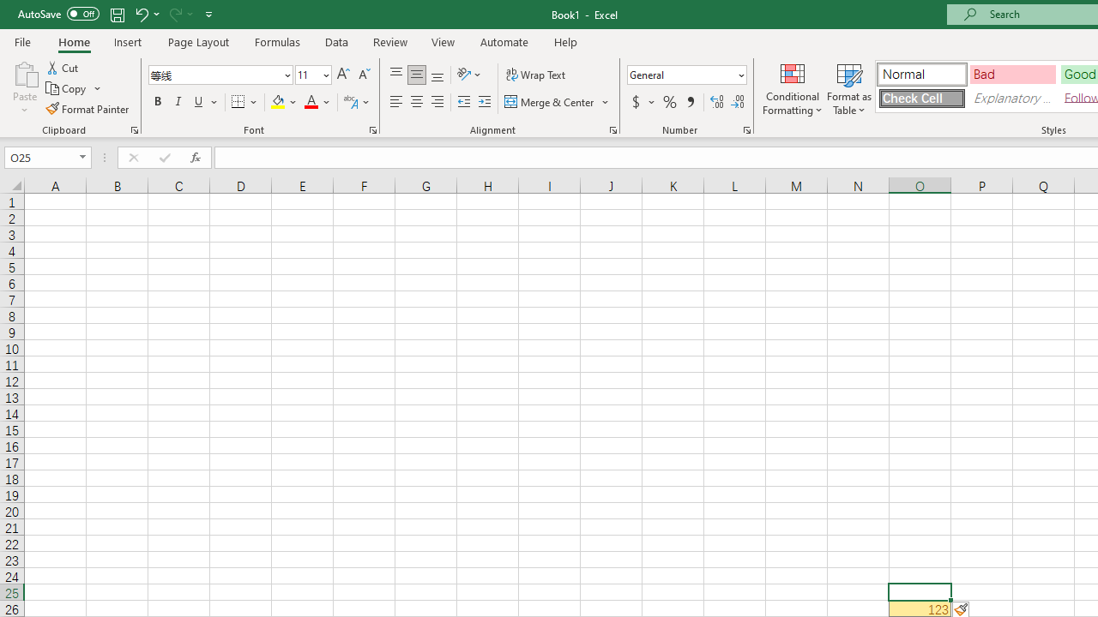  Describe the element at coordinates (238, 102) in the screenshot. I see `'Bottom Border'` at that location.